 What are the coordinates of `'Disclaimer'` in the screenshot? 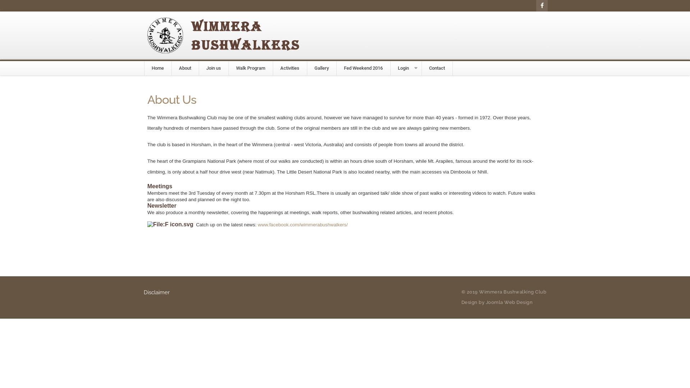 It's located at (158, 292).